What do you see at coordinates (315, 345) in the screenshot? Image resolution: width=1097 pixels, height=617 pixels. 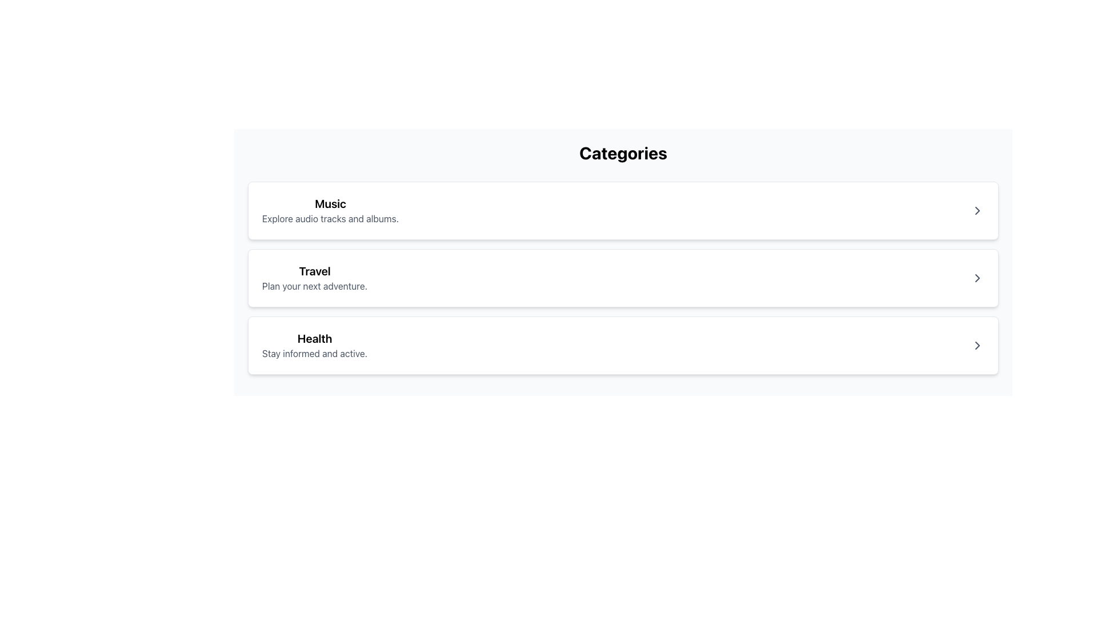 I see `the descriptive label for the 'Health' category, which is located in the third section of a vertically aligned list, centered horizontally below the 'Music' and 'Travel' sections` at bounding box center [315, 345].